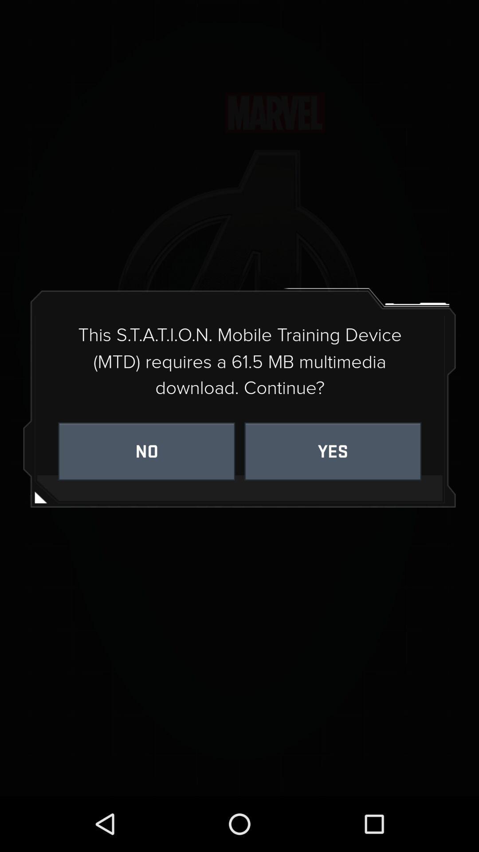  I want to click on the yes on the right, so click(333, 451).